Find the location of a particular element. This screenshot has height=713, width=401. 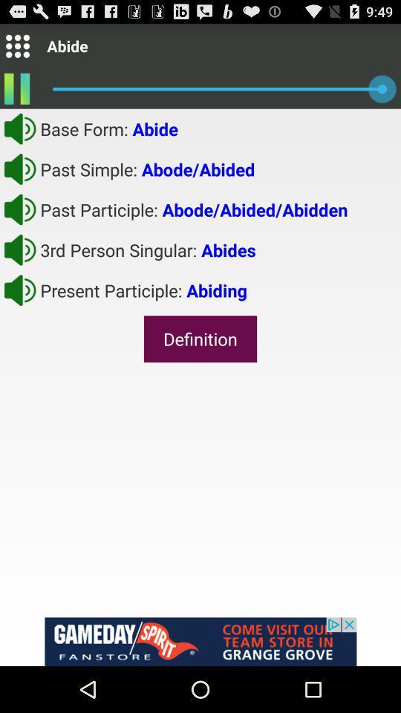

advertisement on the page is located at coordinates (200, 641).